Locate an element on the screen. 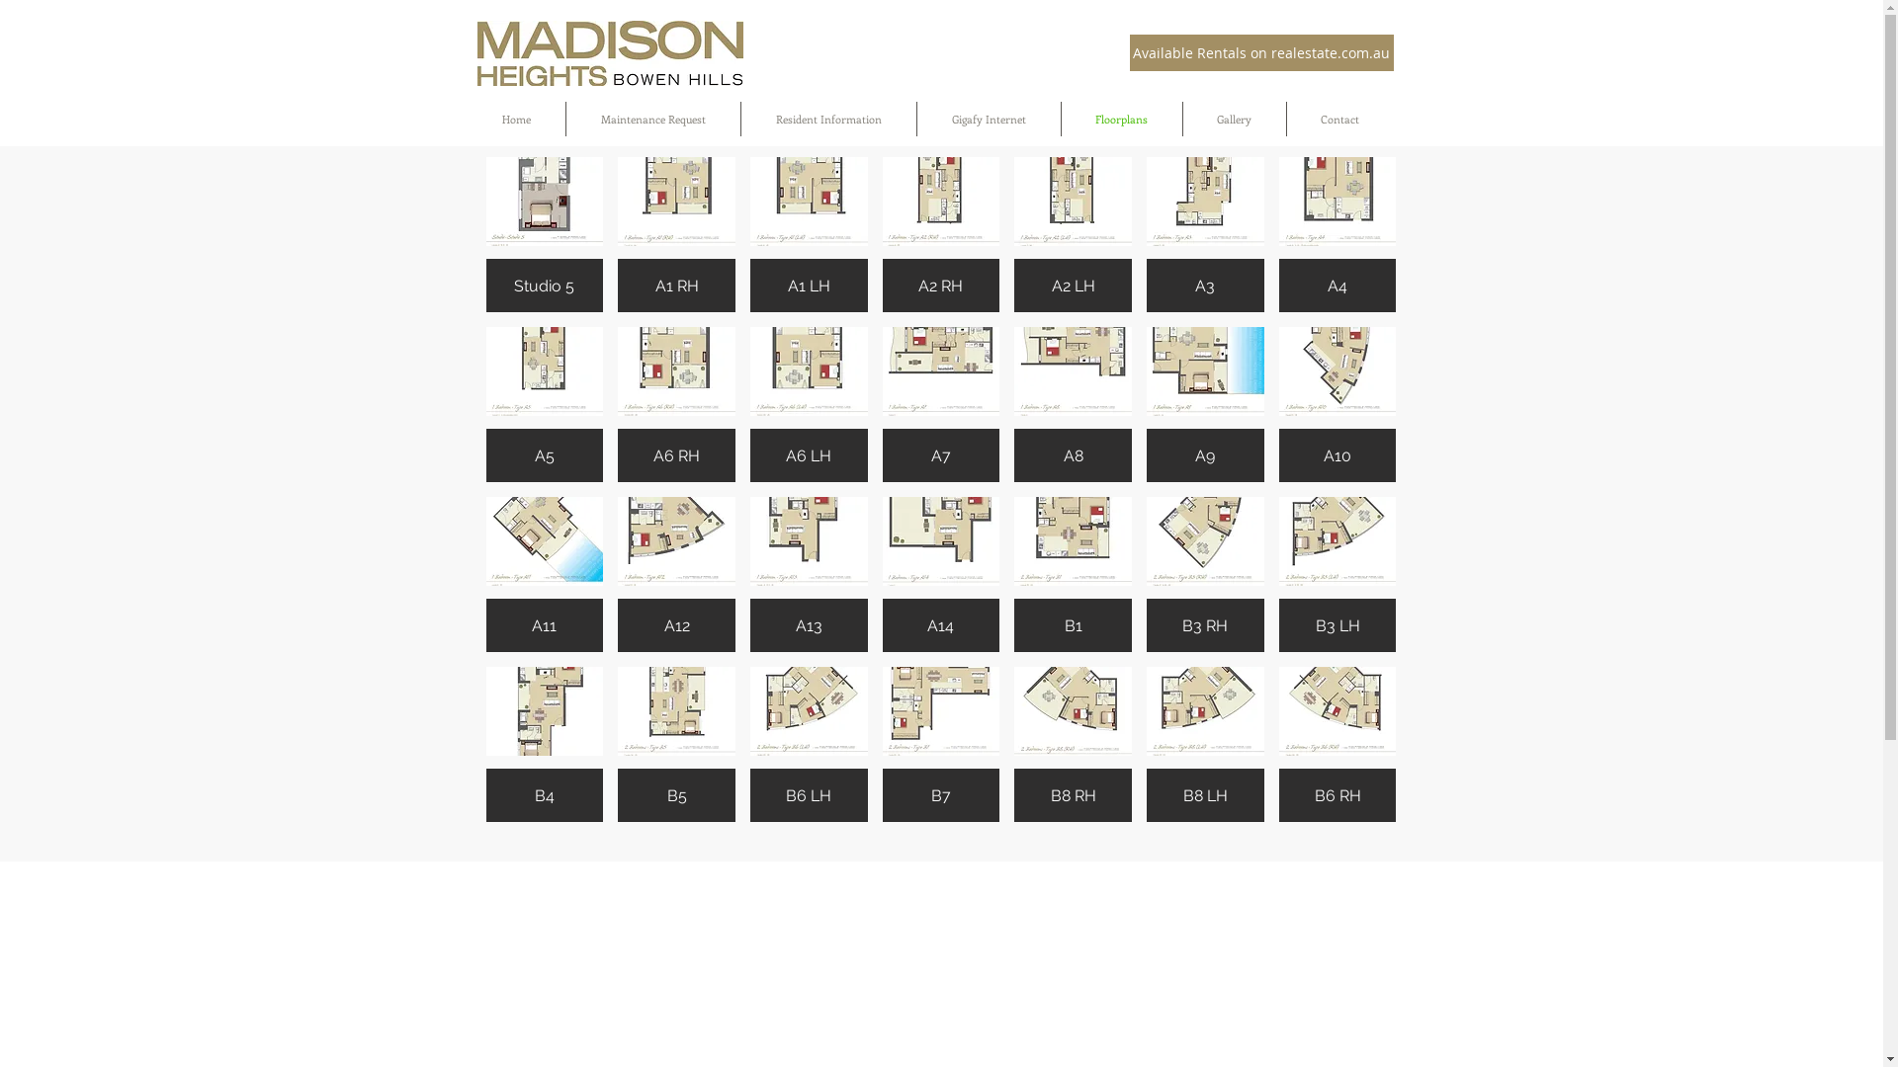  'Floorplans' is located at coordinates (1121, 119).